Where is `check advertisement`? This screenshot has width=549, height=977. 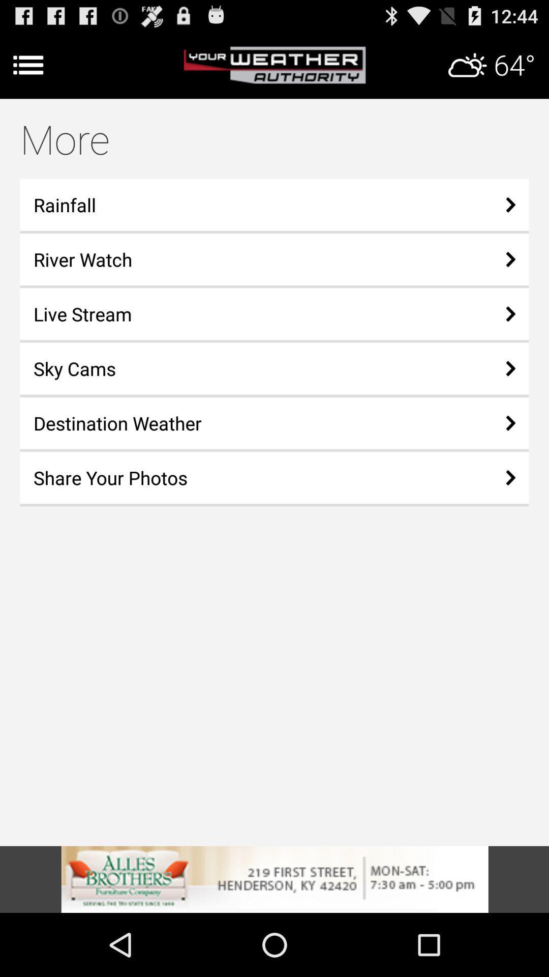 check advertisement is located at coordinates (274, 879).